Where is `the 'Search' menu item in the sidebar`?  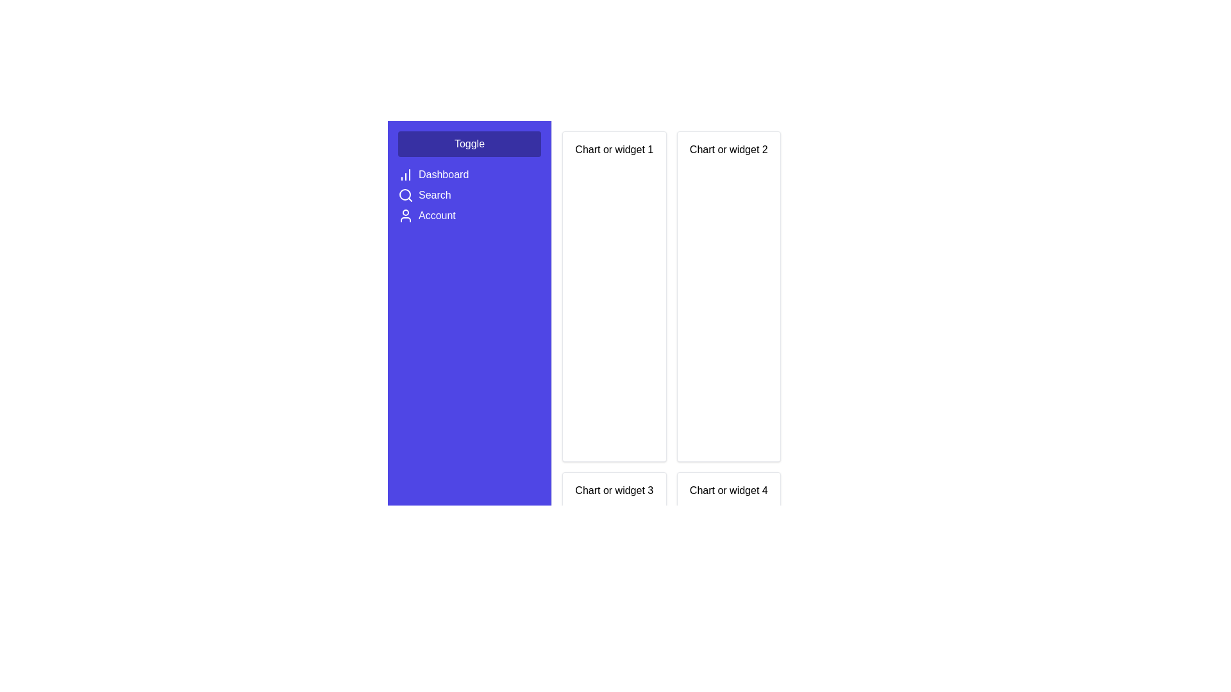 the 'Search' menu item in the sidebar is located at coordinates (469, 195).